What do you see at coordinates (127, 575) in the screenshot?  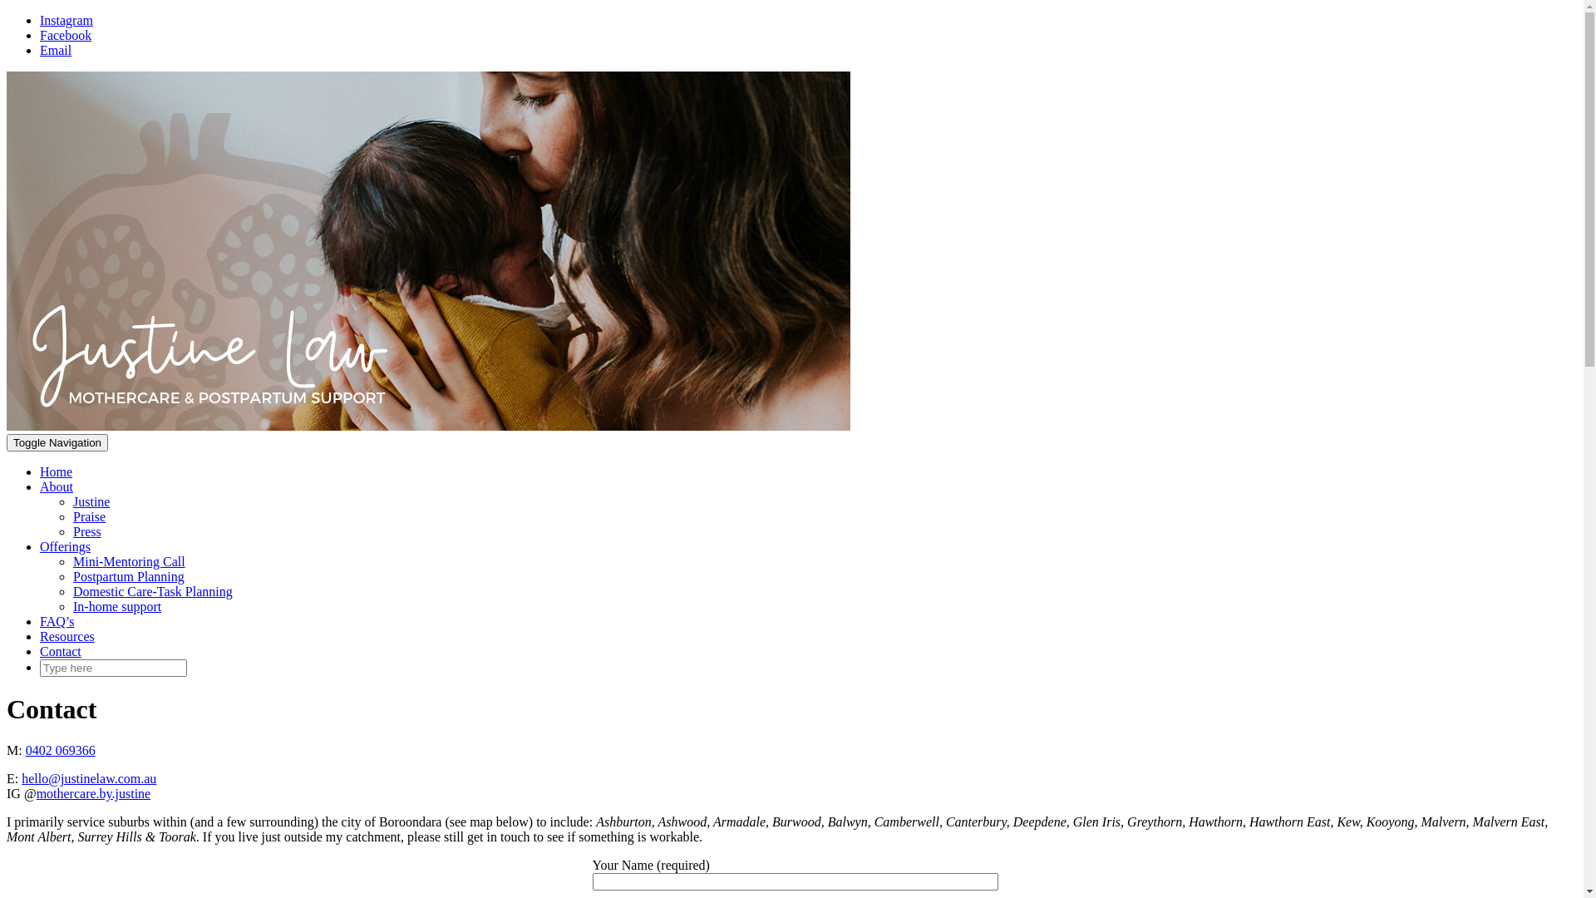 I see `'Postpartum Planning'` at bounding box center [127, 575].